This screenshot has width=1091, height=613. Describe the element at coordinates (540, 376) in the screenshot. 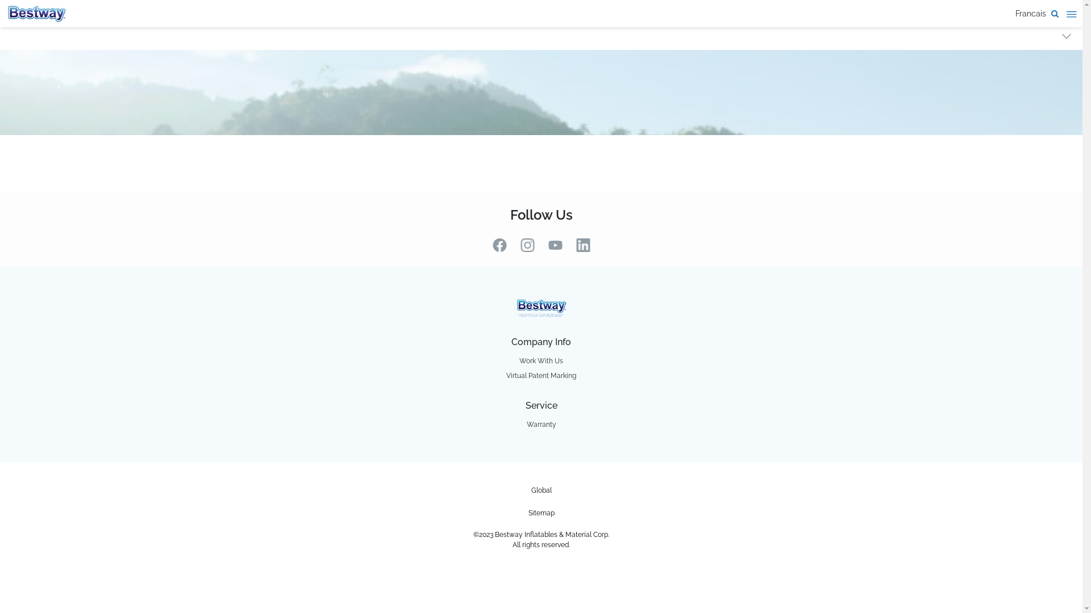

I see `'Virtual Patent Marking'` at that location.